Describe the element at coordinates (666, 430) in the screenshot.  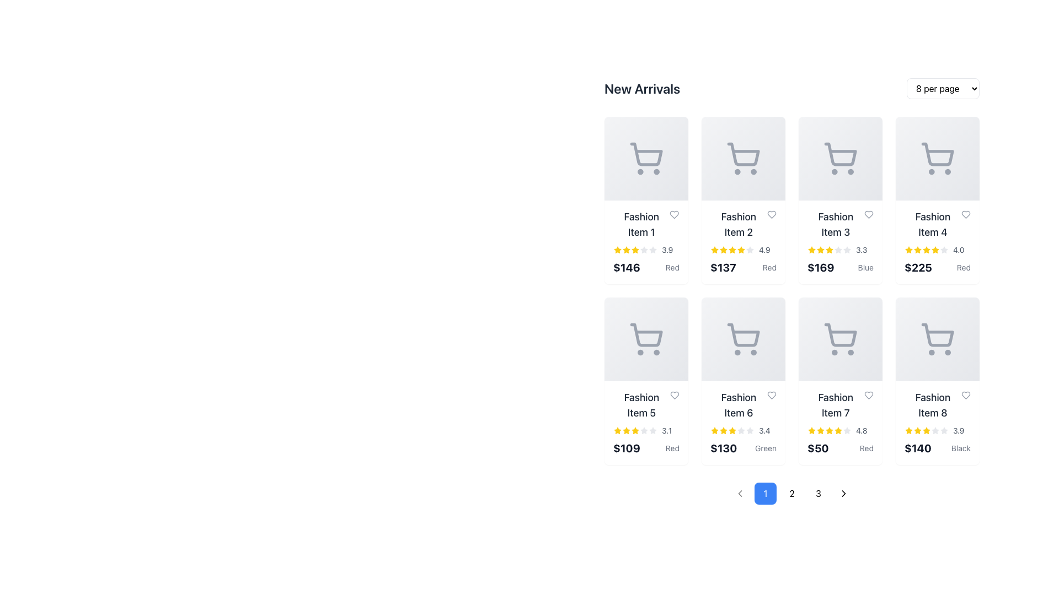
I see `the Text Label that conveys the numerical rating for the adjacent star ratings in the second row, first column of the grid layout` at that location.